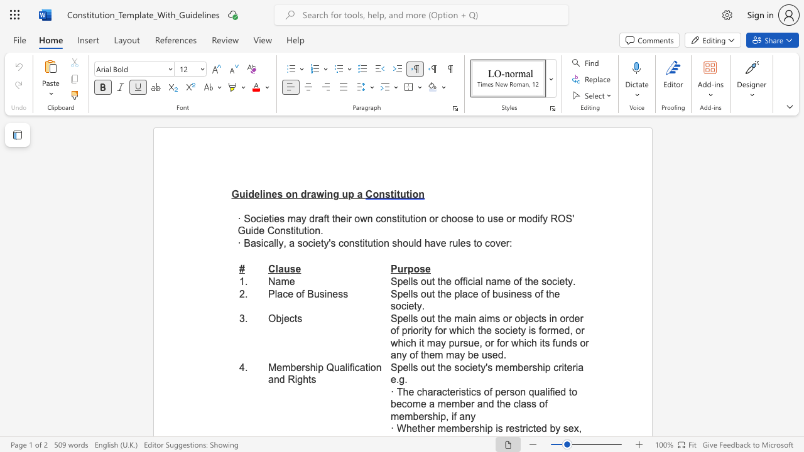  I want to click on the subset text "ce of B" within the text "Place of Business", so click(282, 294).